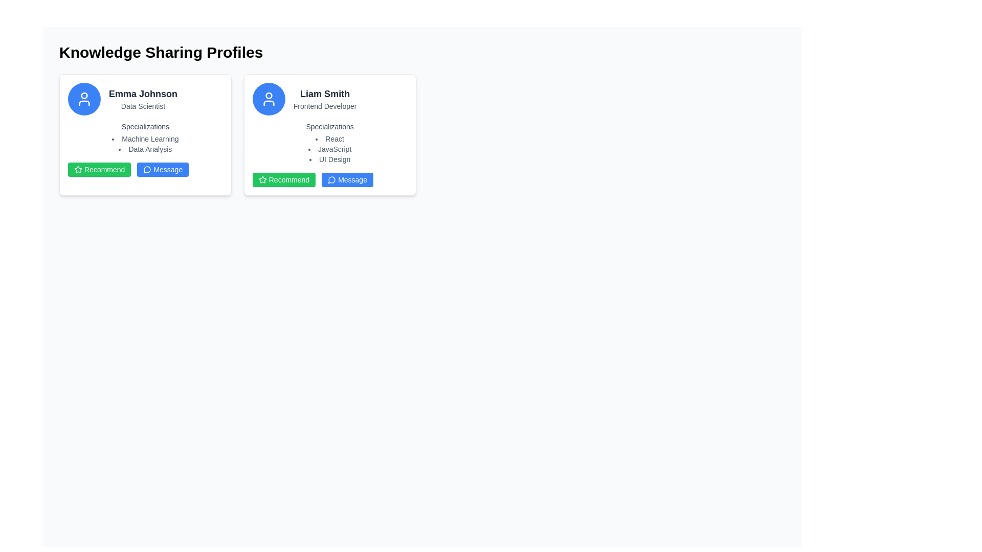 The height and width of the screenshot is (552, 982). Describe the element at coordinates (142, 106) in the screenshot. I see `the static text label indicating the professional role or job title located below 'Emma Johnson' in the profile card` at that location.